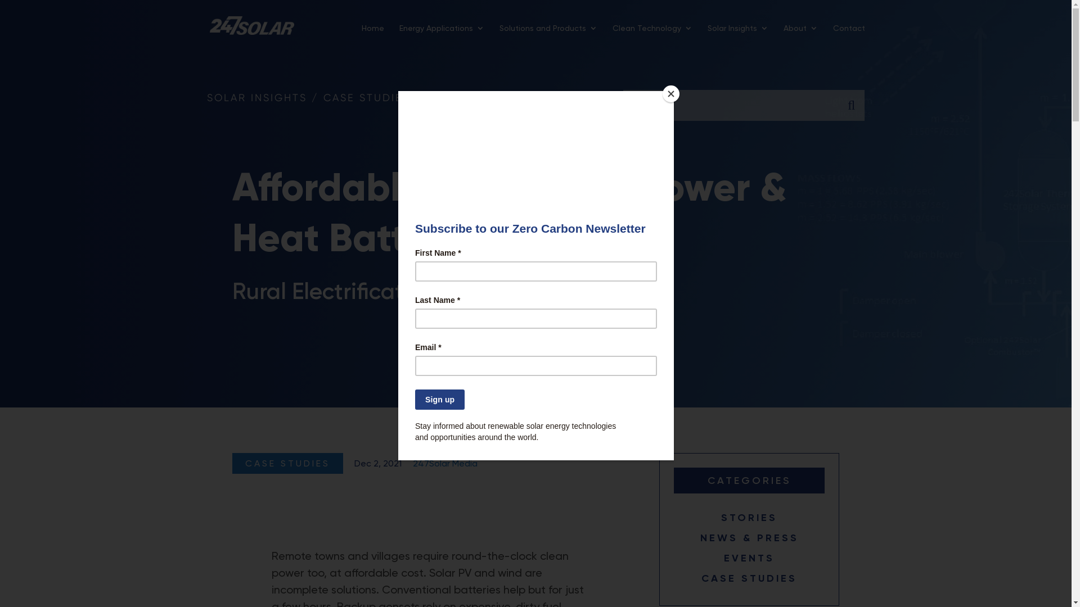  Describe the element at coordinates (749, 518) in the screenshot. I see `'STORIES'` at that location.